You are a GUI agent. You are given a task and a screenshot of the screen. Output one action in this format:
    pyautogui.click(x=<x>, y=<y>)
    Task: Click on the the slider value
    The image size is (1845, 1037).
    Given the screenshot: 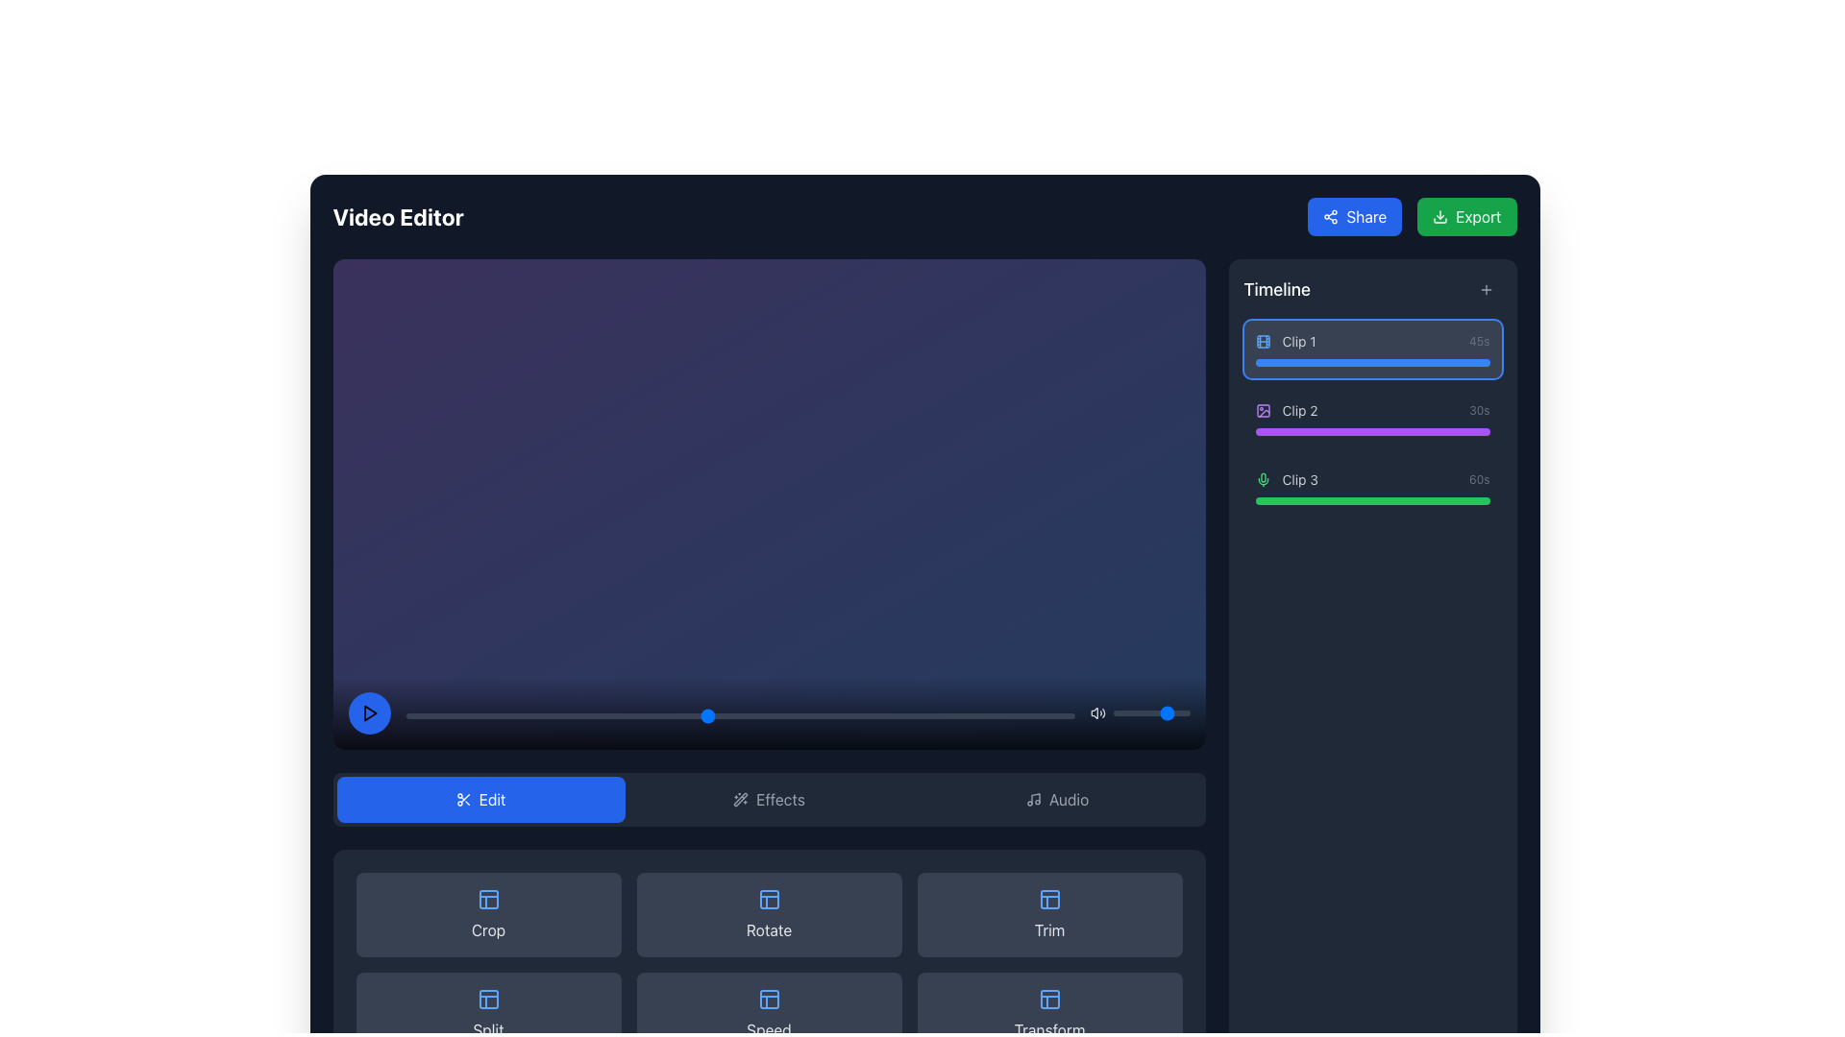 What is the action you would take?
    pyautogui.click(x=1119, y=712)
    